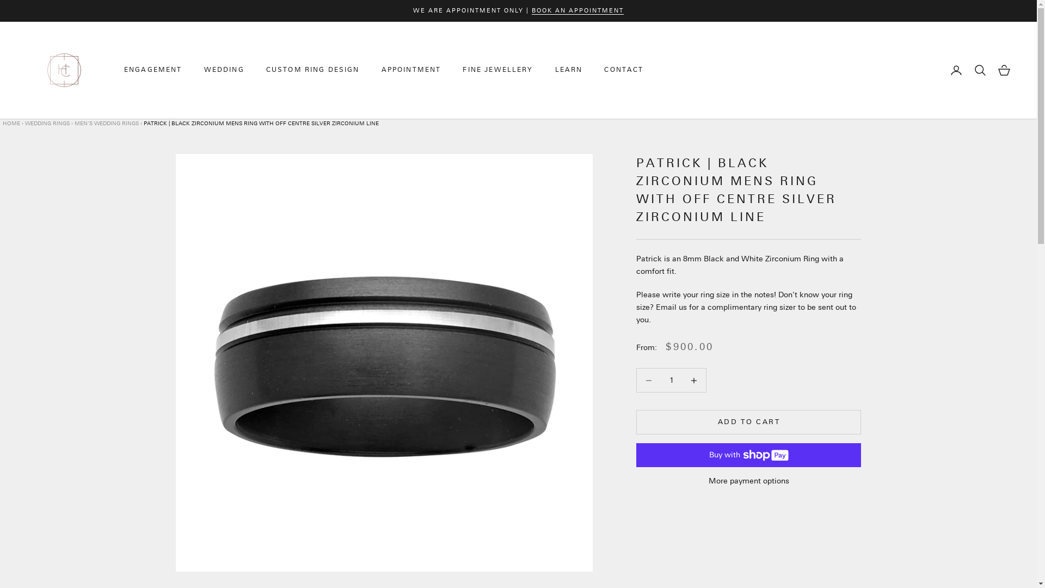  Describe the element at coordinates (12, 123) in the screenshot. I see `'HOME'` at that location.